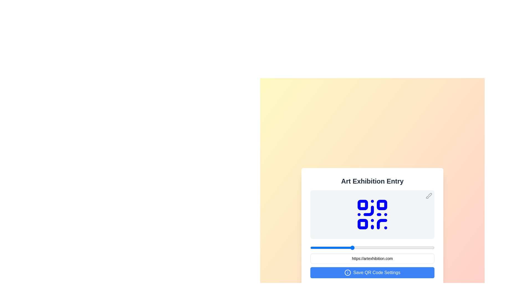  What do you see at coordinates (347, 272) in the screenshot?
I see `the circular icon within the button located near the bottom-left side of the rectangular panel, which serves as a visual representation for triggering an action` at bounding box center [347, 272].